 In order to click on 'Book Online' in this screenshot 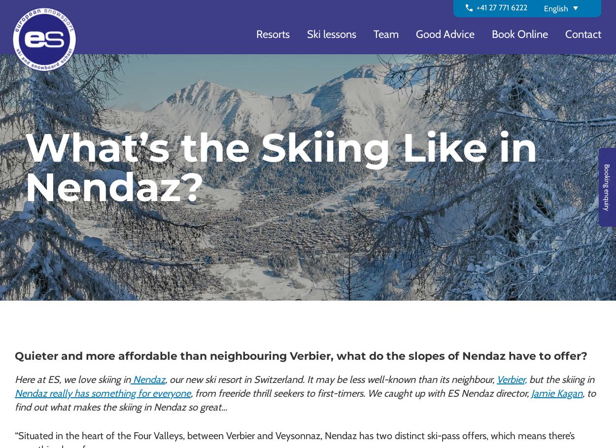, I will do `click(520, 34)`.